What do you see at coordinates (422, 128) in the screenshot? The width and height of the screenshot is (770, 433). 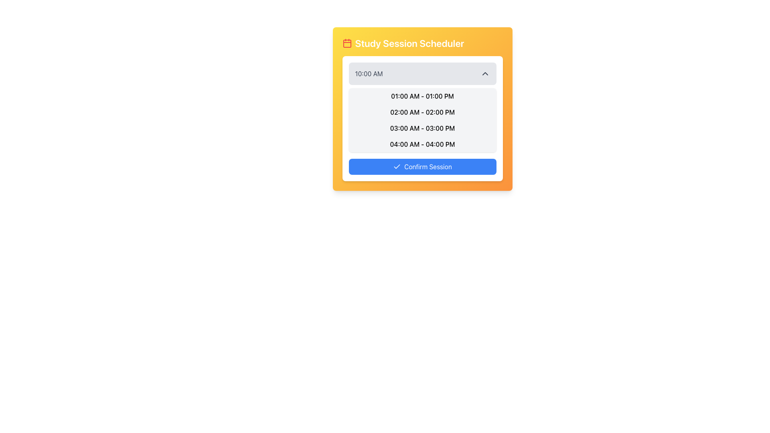 I see `the static text element displaying '03:00 AM - 03:00 PM' which is the third item in a list of time ranges` at bounding box center [422, 128].